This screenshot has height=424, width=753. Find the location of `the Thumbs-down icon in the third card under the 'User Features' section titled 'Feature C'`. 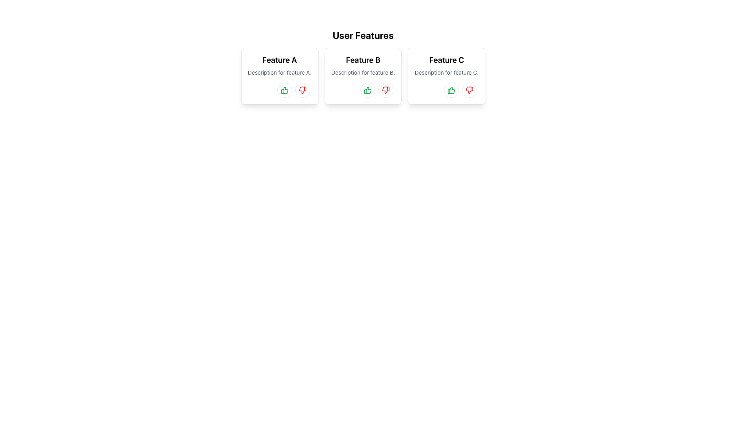

the Thumbs-down icon in the third card under the 'User Features' section titled 'Feature C' is located at coordinates (469, 90).